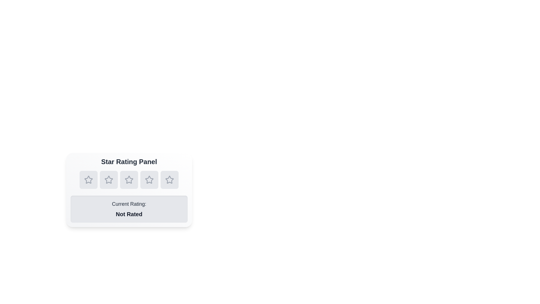 Image resolution: width=540 pixels, height=304 pixels. I want to click on the third star, so click(129, 180).